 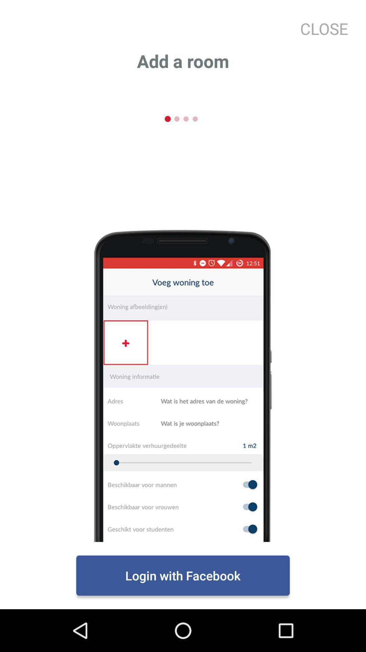 I want to click on close, so click(x=321, y=28).